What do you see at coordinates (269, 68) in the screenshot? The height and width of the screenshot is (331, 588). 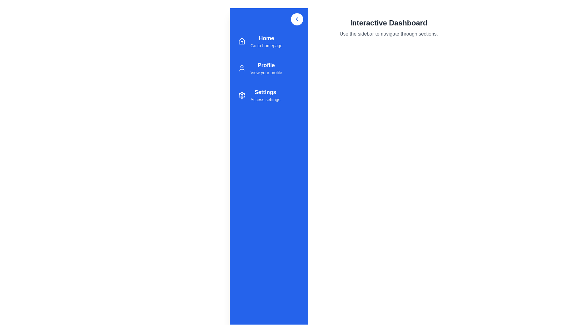 I see `the menu item Profile to reveal its visual effect` at bounding box center [269, 68].